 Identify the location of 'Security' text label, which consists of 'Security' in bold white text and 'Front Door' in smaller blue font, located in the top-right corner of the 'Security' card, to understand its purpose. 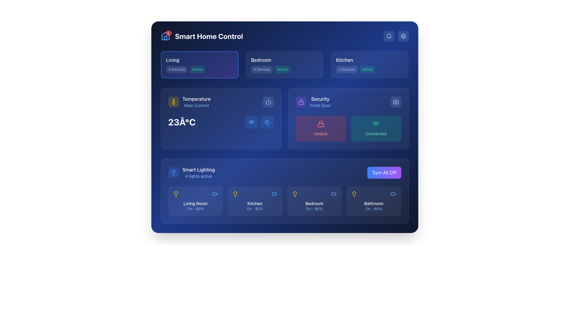
(320, 102).